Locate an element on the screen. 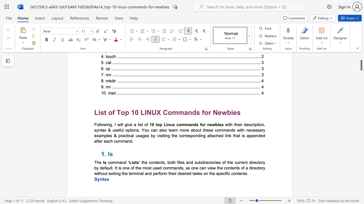 This screenshot has width=364, height=204. the 2th character "d" in the text is located at coordinates (232, 130).